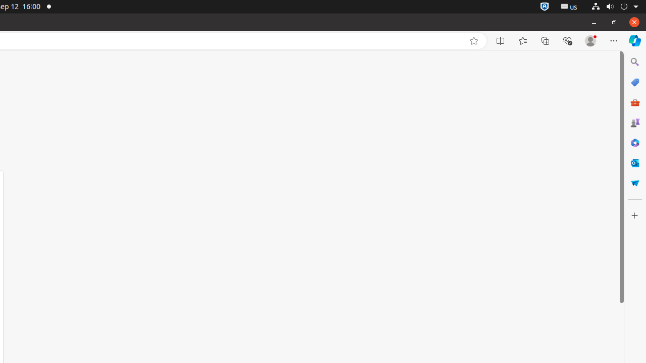 The image size is (646, 363). I want to click on 'Browser essentials', so click(567, 40).